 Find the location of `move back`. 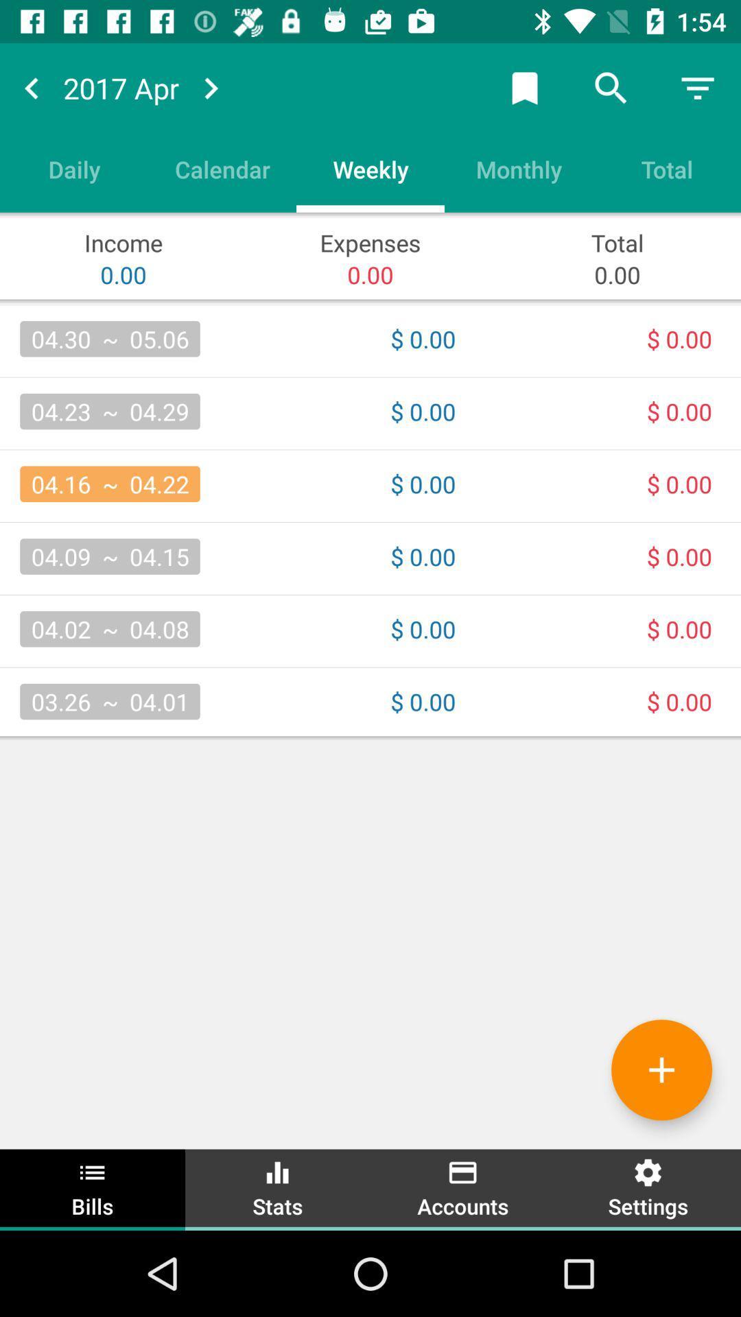

move back is located at coordinates (31, 87).